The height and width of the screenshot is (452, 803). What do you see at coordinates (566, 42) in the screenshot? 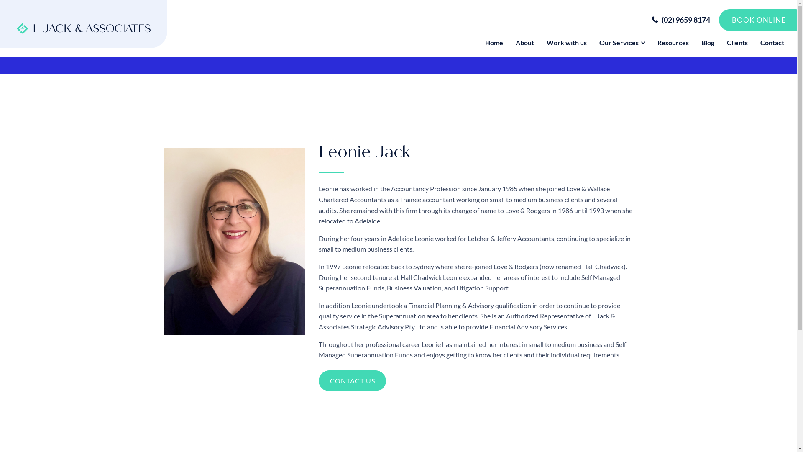
I see `'Work with us'` at bounding box center [566, 42].